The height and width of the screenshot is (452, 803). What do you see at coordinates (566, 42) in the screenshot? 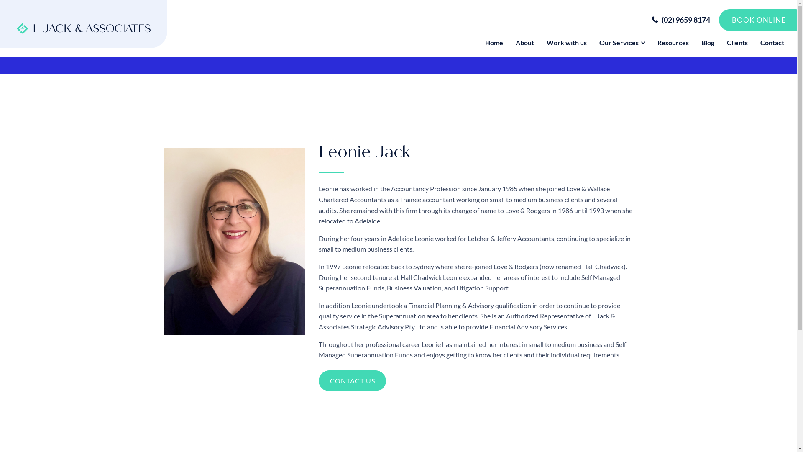
I see `'Work with us'` at bounding box center [566, 42].